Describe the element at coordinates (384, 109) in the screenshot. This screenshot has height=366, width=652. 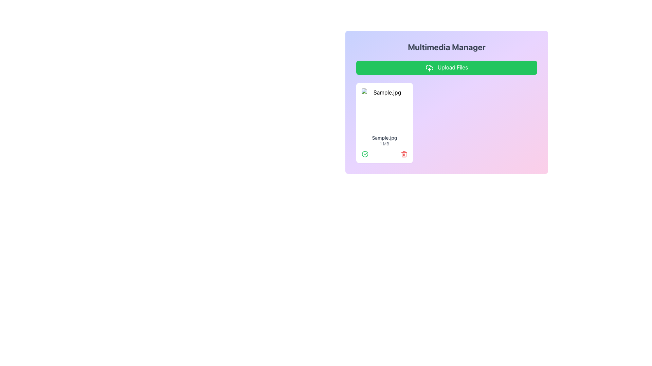
I see `the image preview for 'Sample.jpg'` at that location.